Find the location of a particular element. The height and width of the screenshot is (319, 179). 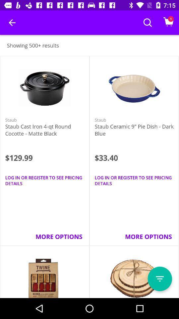

cart button is located at coordinates (168, 23).